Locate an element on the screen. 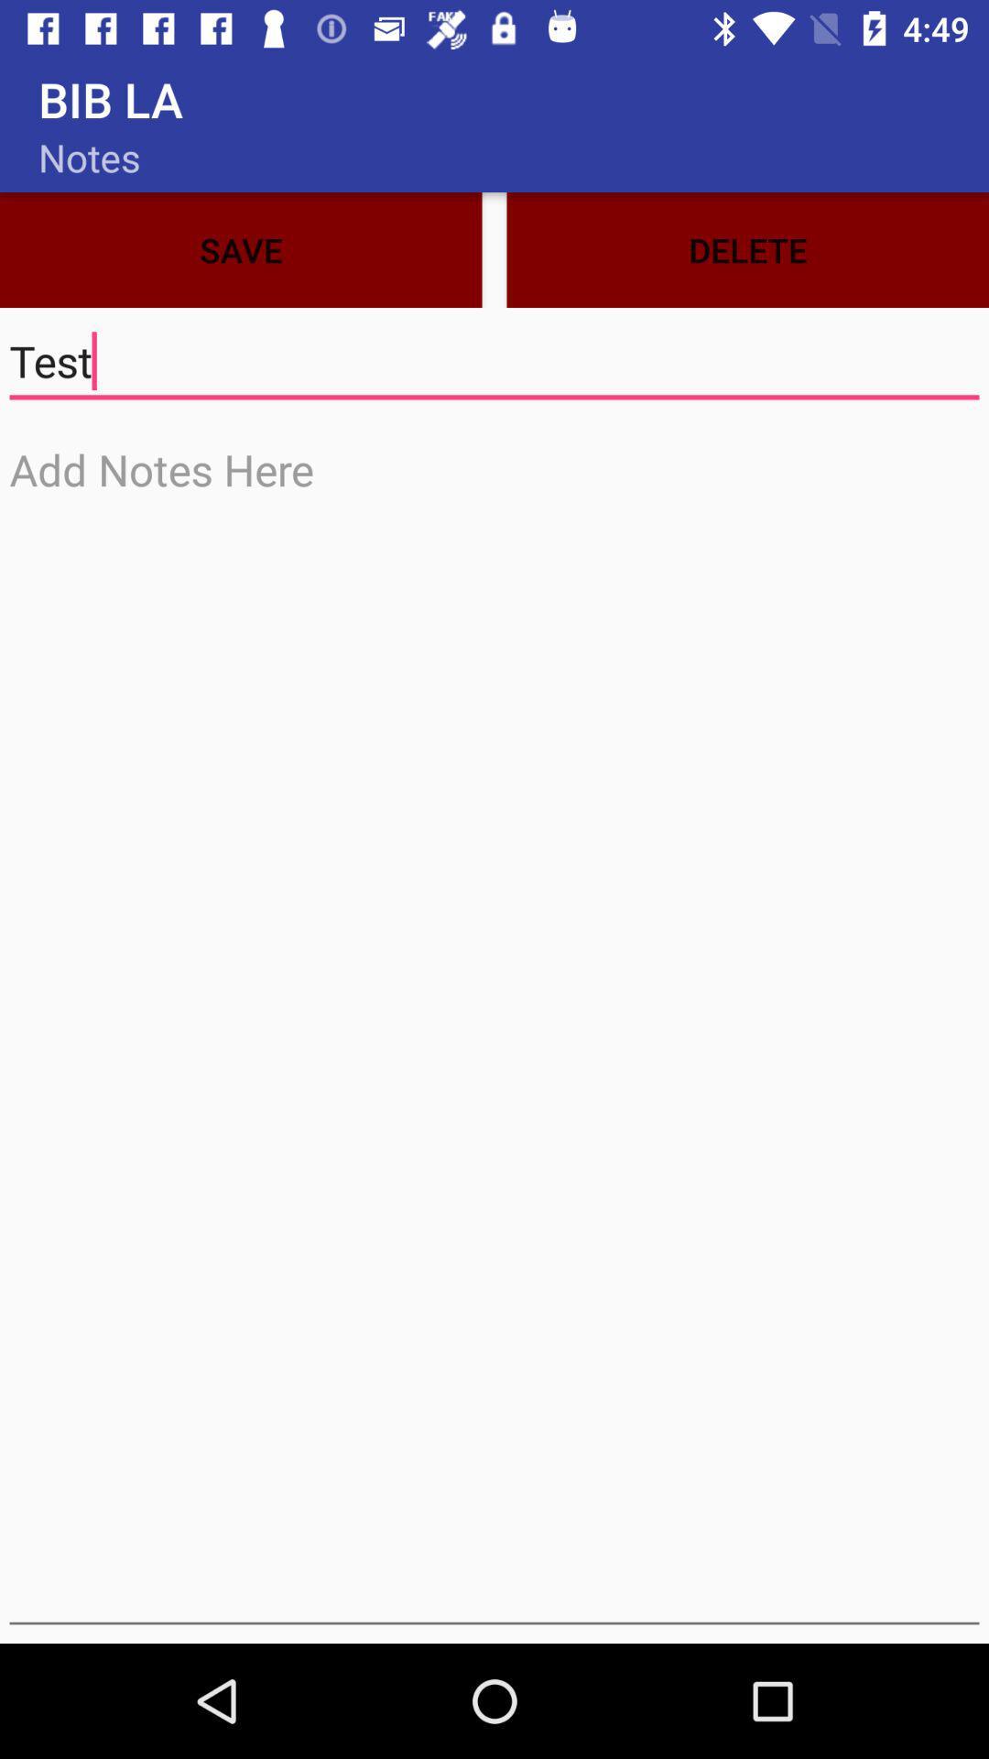 The image size is (989, 1759). the item above test item is located at coordinates (747, 249).